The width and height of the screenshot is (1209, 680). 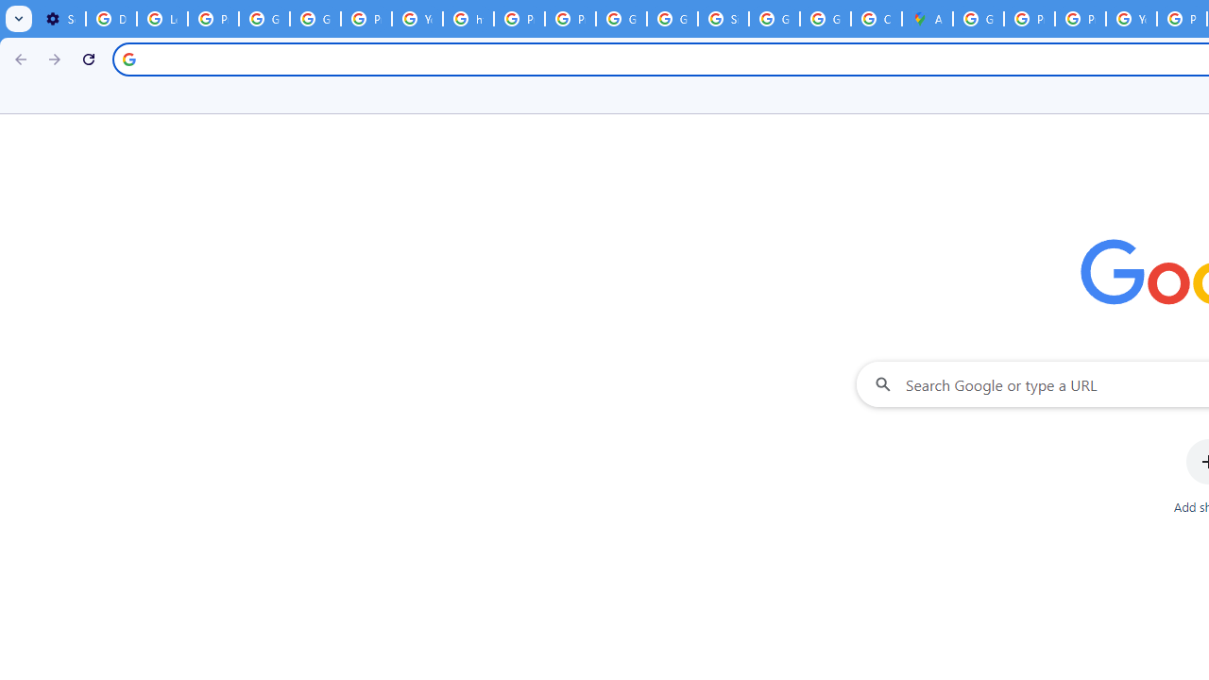 I want to click on 'Settings - Performance', so click(x=60, y=19).